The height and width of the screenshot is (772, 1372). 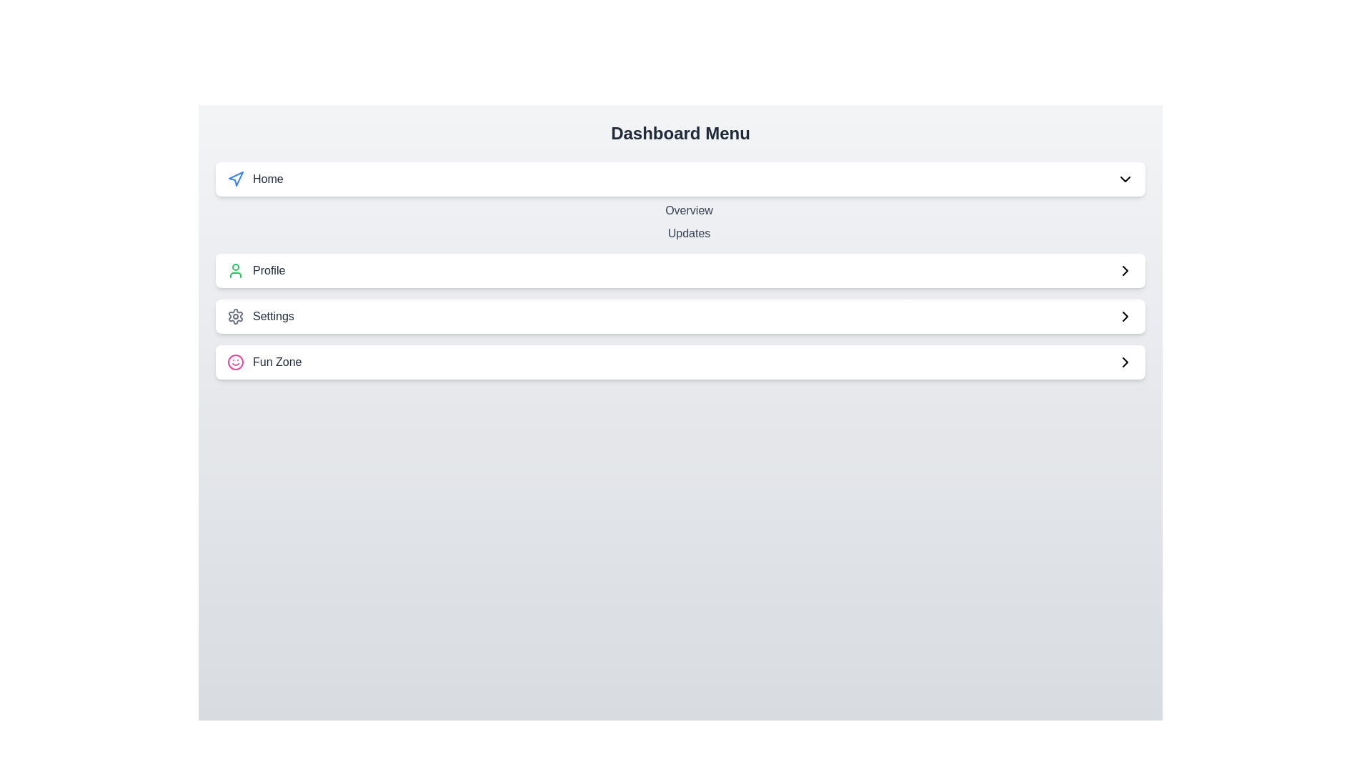 I want to click on the 'Overview' text label, which is styled with a gray font and appears underlined on hover, located in the menu section below the 'Dashboard Menu' header, so click(x=689, y=210).